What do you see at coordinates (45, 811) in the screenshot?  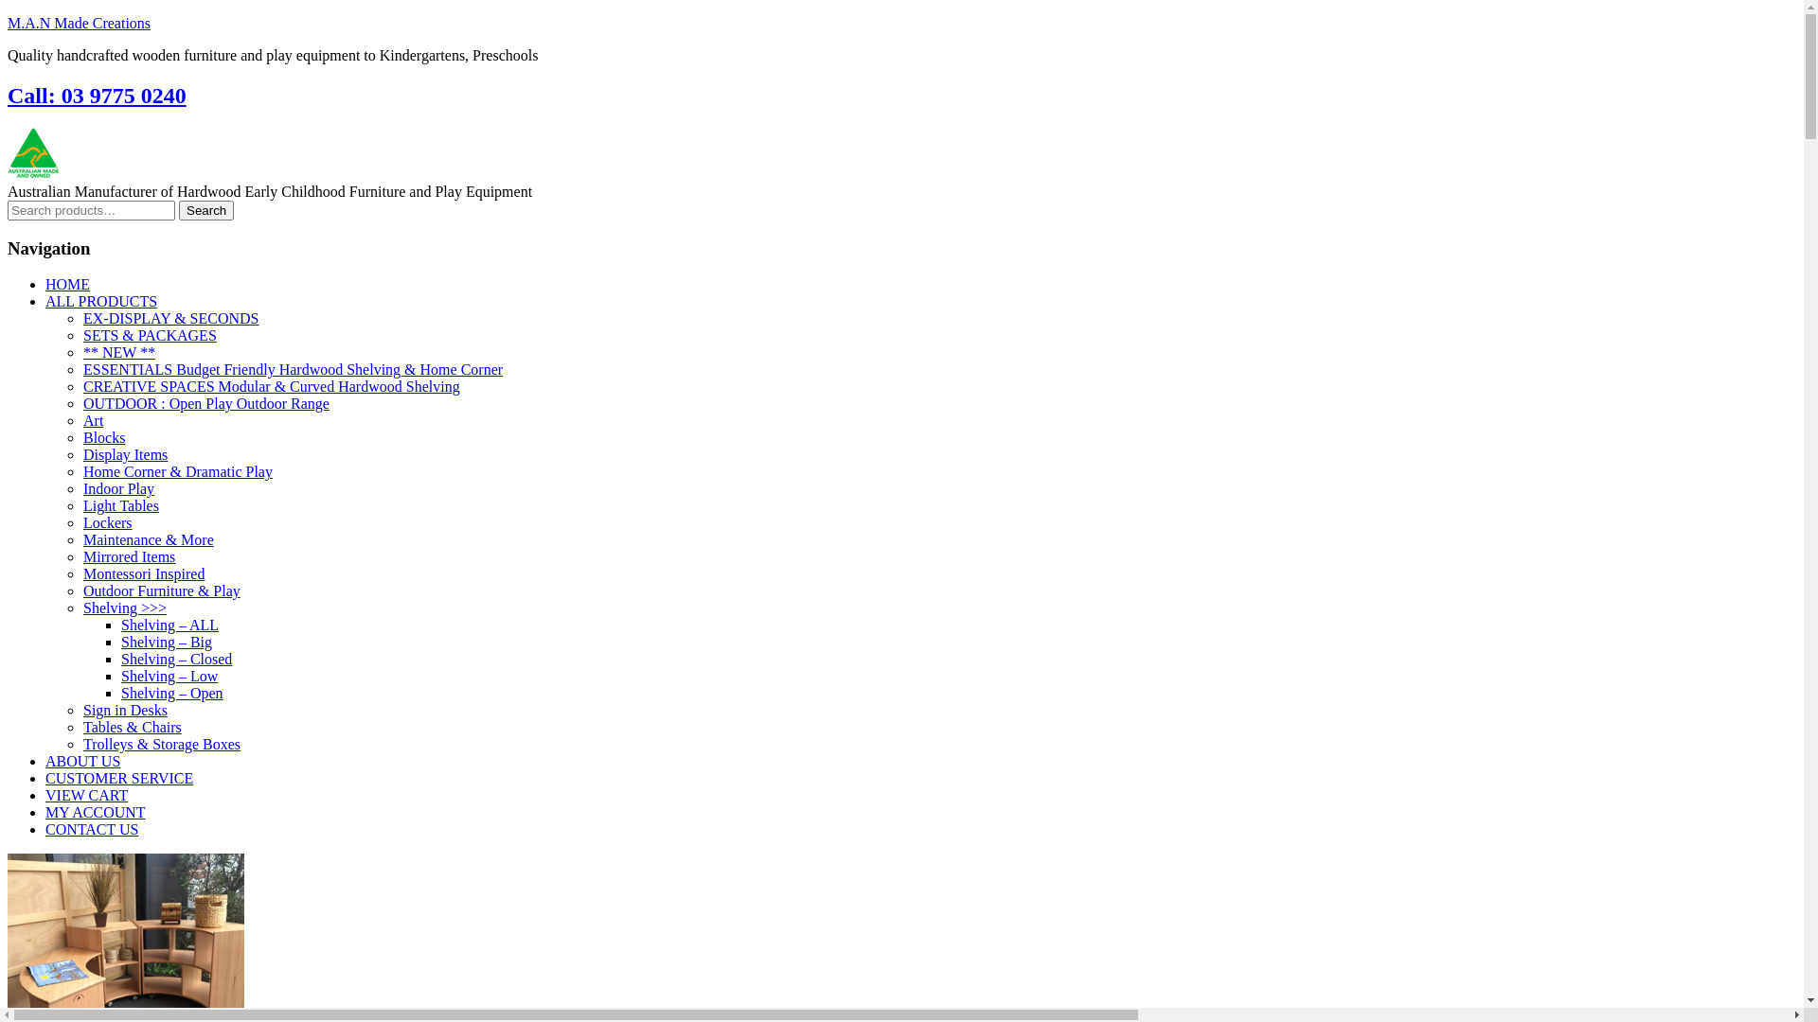 I see `'MY ACCOUNT'` at bounding box center [45, 811].